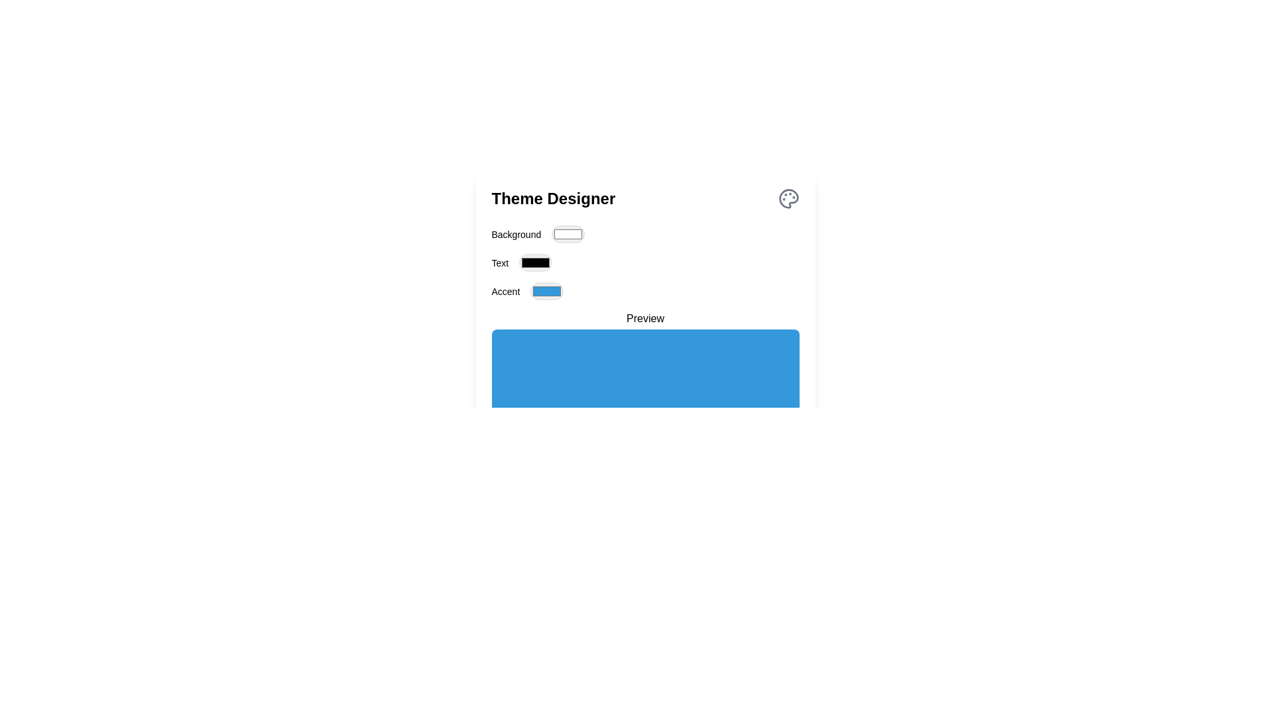 The height and width of the screenshot is (716, 1273). What do you see at coordinates (547, 290) in the screenshot?
I see `the circular blue Color input button located to the right of the 'Accent' label` at bounding box center [547, 290].